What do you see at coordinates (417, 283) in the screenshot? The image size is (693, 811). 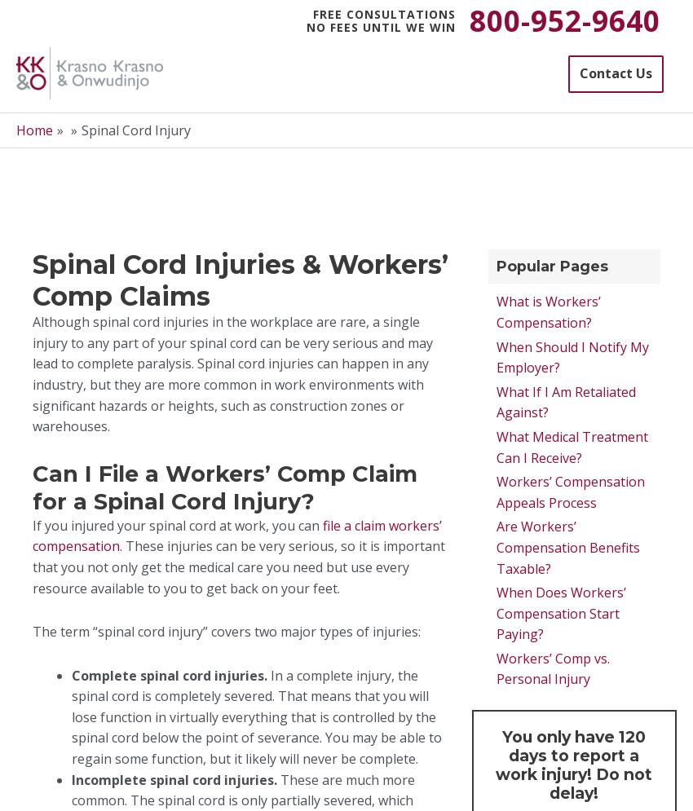 I see `'*'` at bounding box center [417, 283].